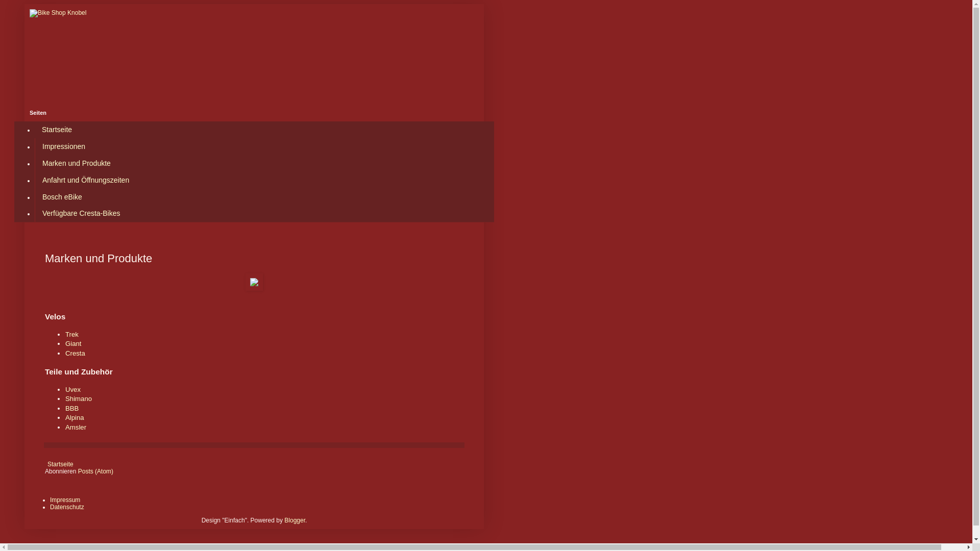 The width and height of the screenshot is (980, 551). I want to click on 'Bosch eBike', so click(61, 196).